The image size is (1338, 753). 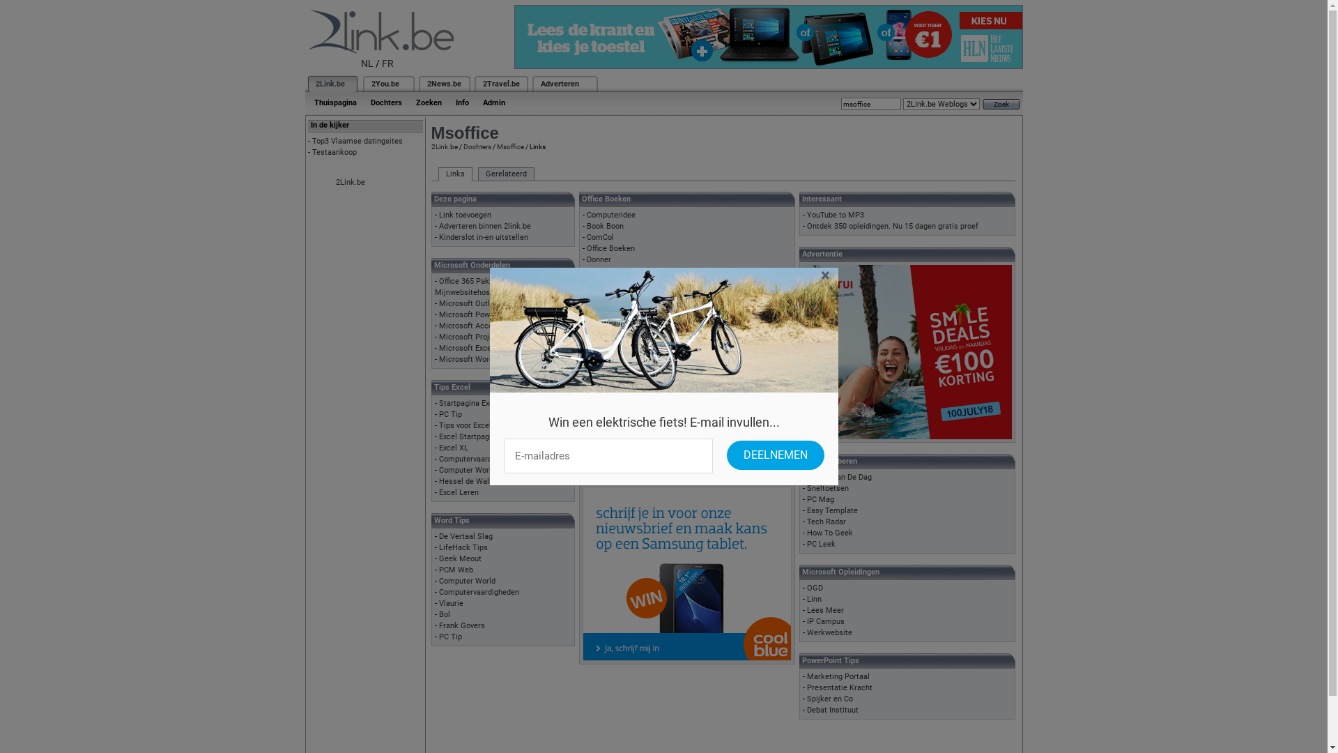 What do you see at coordinates (460, 558) in the screenshot?
I see `'Geek Meout'` at bounding box center [460, 558].